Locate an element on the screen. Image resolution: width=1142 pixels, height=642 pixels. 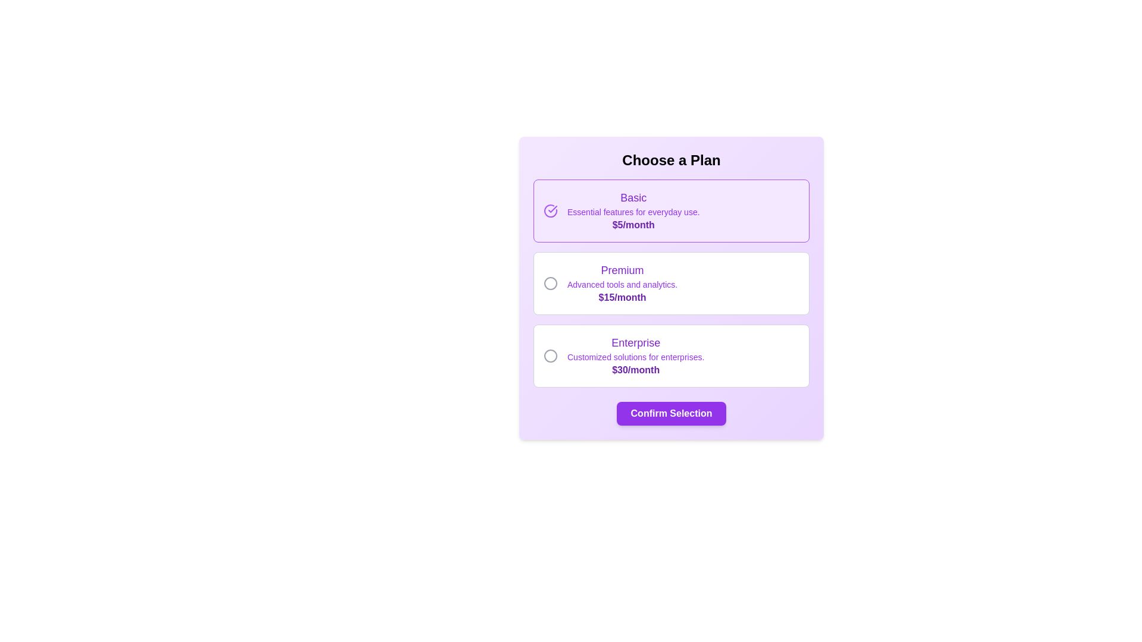
the descriptive text label that provides information about the 'Basic' subscription option, located between the title 'Basic' and the price '$5/month' is located at coordinates (633, 212).